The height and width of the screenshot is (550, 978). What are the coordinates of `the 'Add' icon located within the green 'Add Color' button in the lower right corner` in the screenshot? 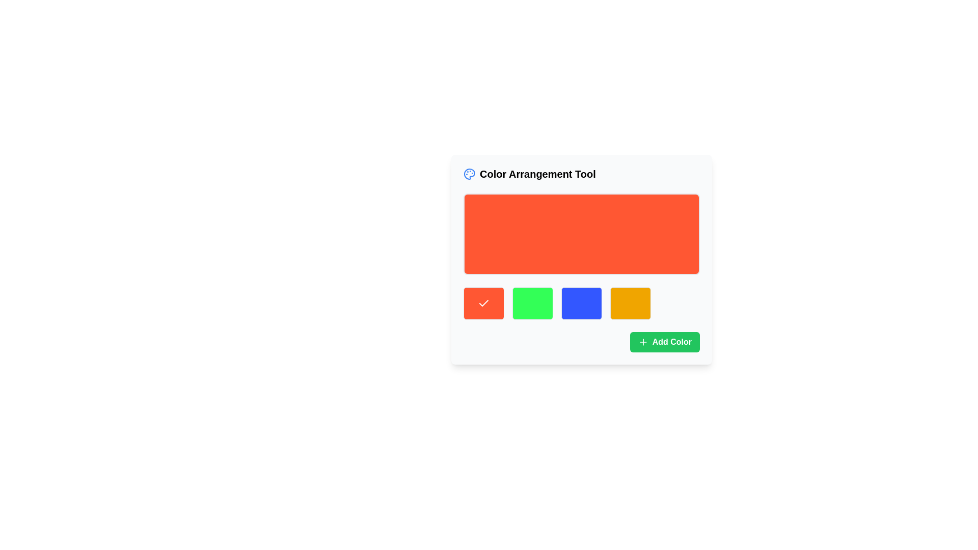 It's located at (642, 342).